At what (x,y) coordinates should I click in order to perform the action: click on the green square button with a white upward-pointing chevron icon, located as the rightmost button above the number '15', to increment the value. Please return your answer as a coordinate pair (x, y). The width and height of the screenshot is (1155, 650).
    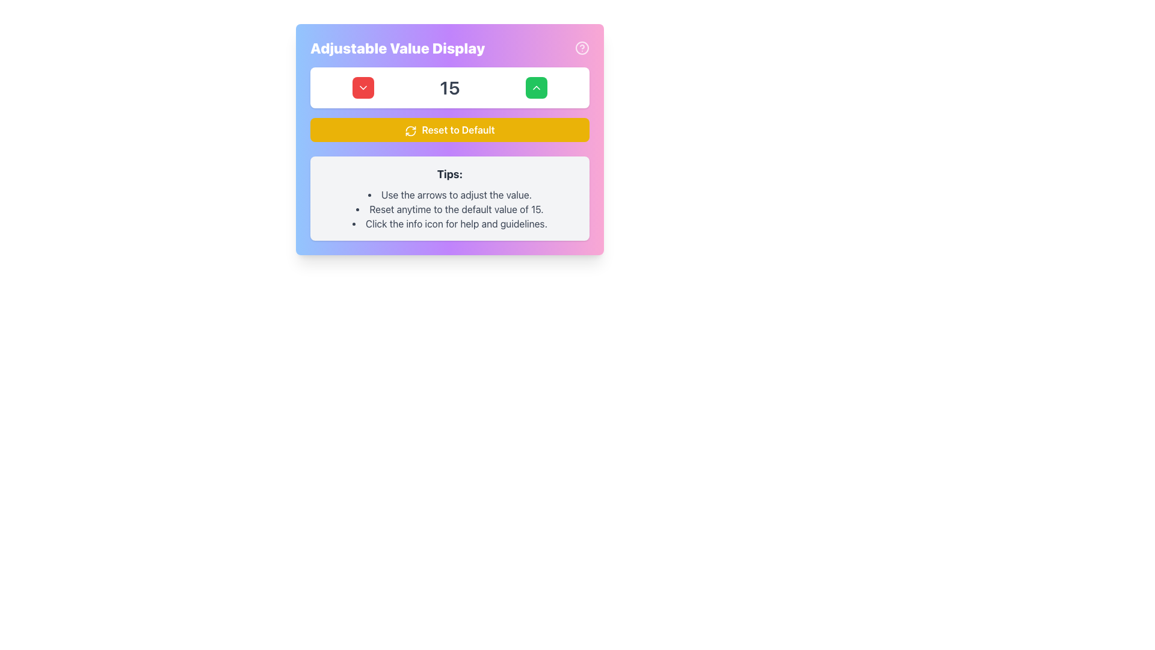
    Looking at the image, I should click on (535, 87).